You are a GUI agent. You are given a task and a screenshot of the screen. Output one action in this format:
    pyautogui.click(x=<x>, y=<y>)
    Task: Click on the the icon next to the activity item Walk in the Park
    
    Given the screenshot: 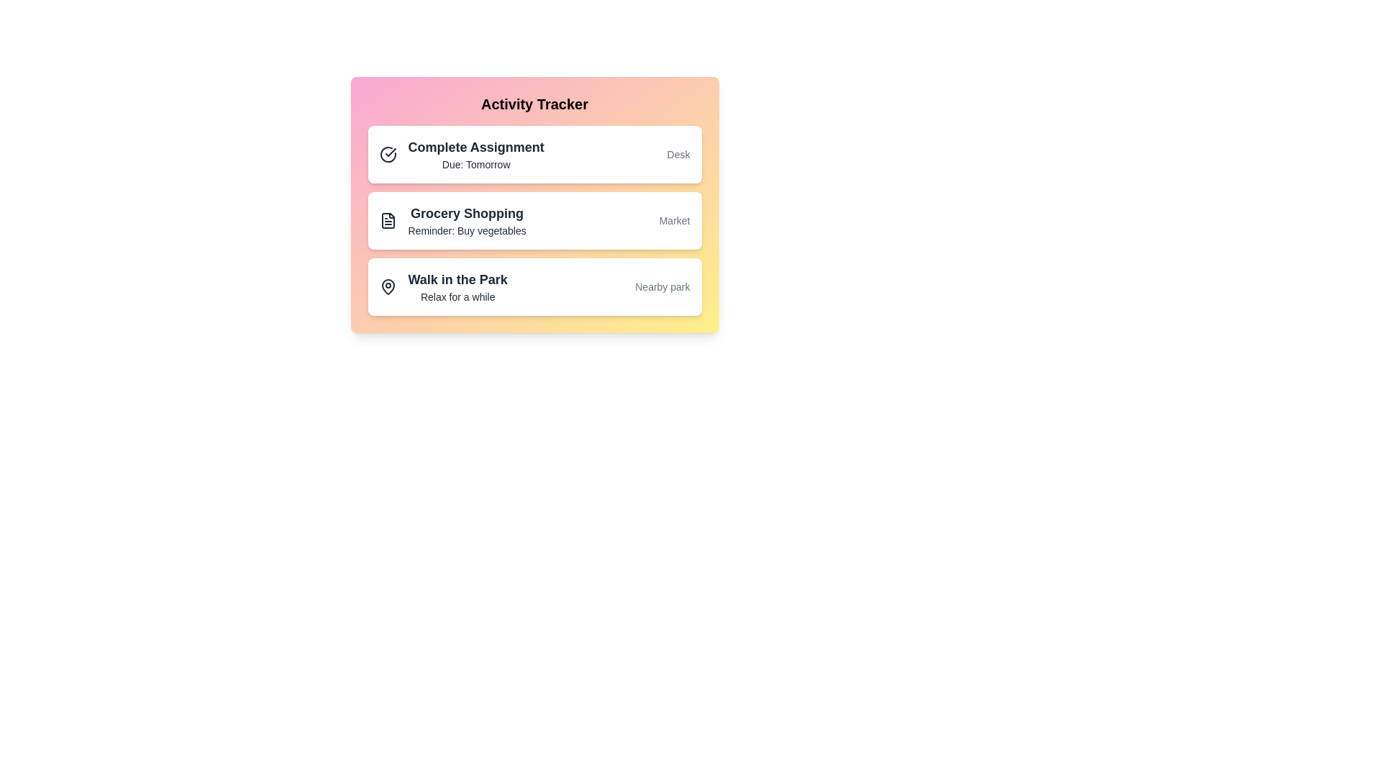 What is the action you would take?
    pyautogui.click(x=388, y=286)
    